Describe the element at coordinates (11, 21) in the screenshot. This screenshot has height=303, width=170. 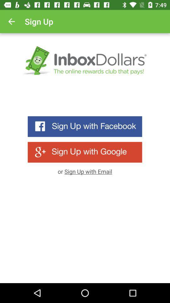
I see `app to the left of the sign up app` at that location.